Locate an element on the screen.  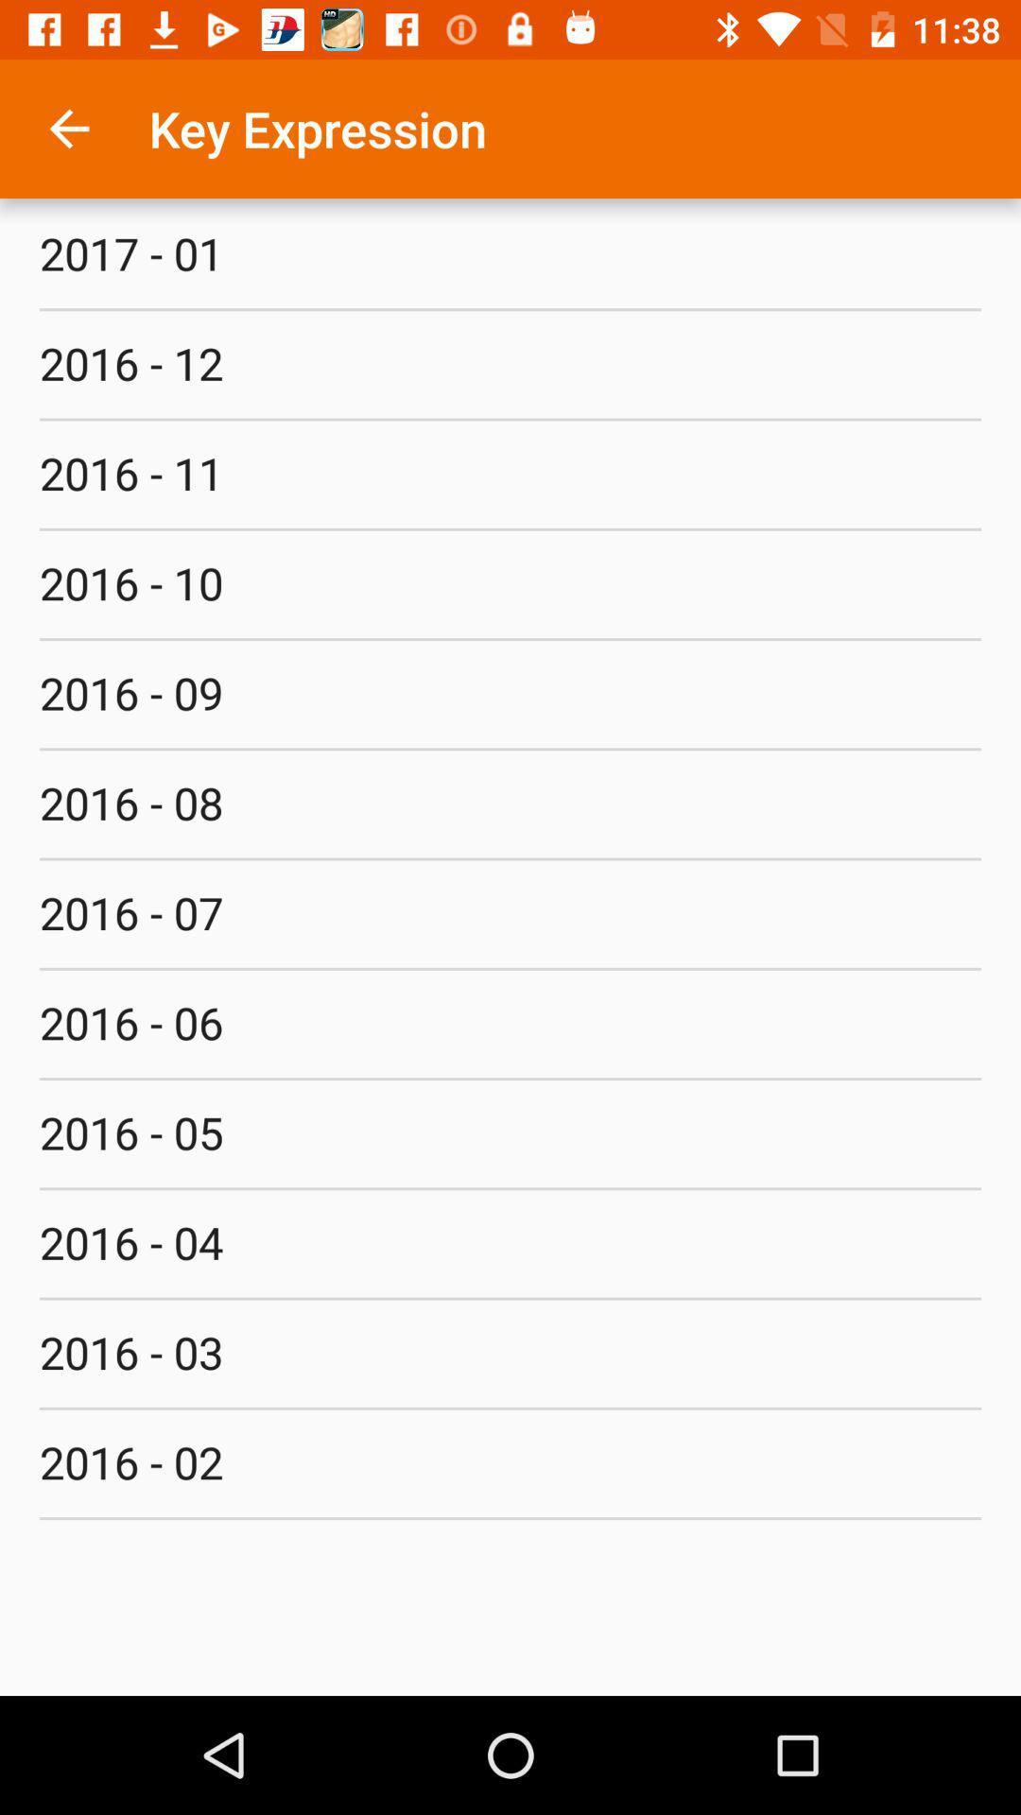
the item to the left of the key expression item is located at coordinates (68, 128).